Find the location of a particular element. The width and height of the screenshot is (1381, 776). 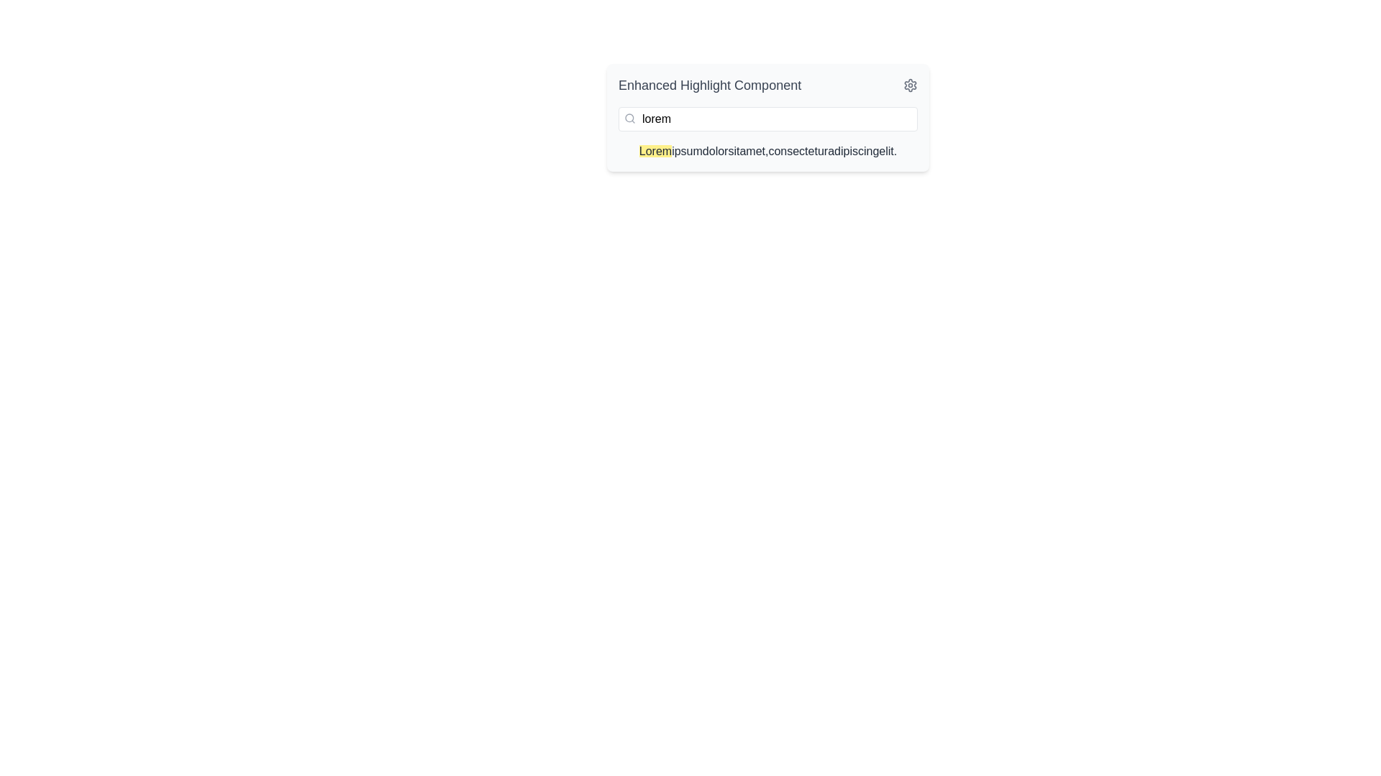

the text fragment displaying the word 'consectetur', which is part of the sentence located beneath the search bar is located at coordinates (797, 151).